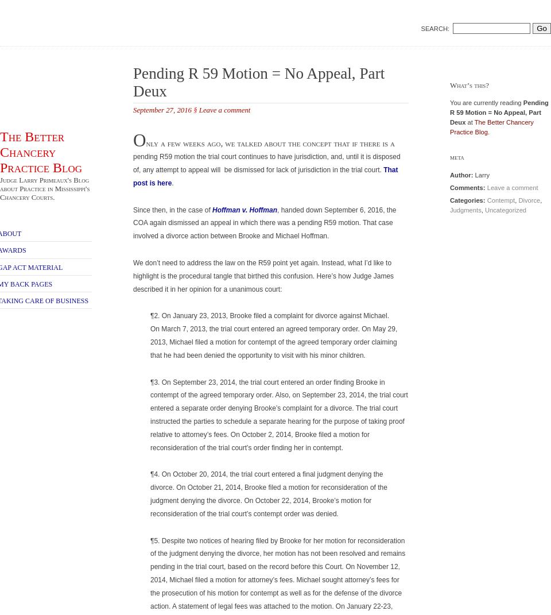 Image resolution: width=551 pixels, height=615 pixels. What do you see at coordinates (434, 28) in the screenshot?
I see `'Search:'` at bounding box center [434, 28].